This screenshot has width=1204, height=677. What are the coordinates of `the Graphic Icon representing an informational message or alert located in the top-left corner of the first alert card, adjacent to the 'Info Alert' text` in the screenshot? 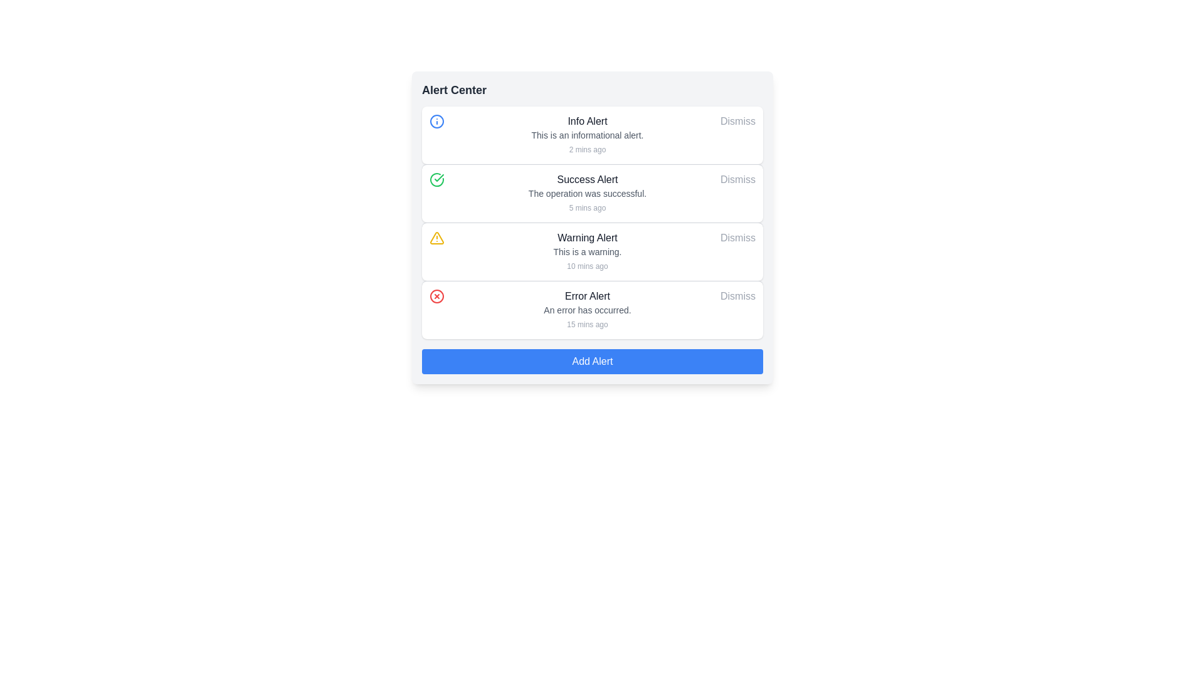 It's located at (436, 121).